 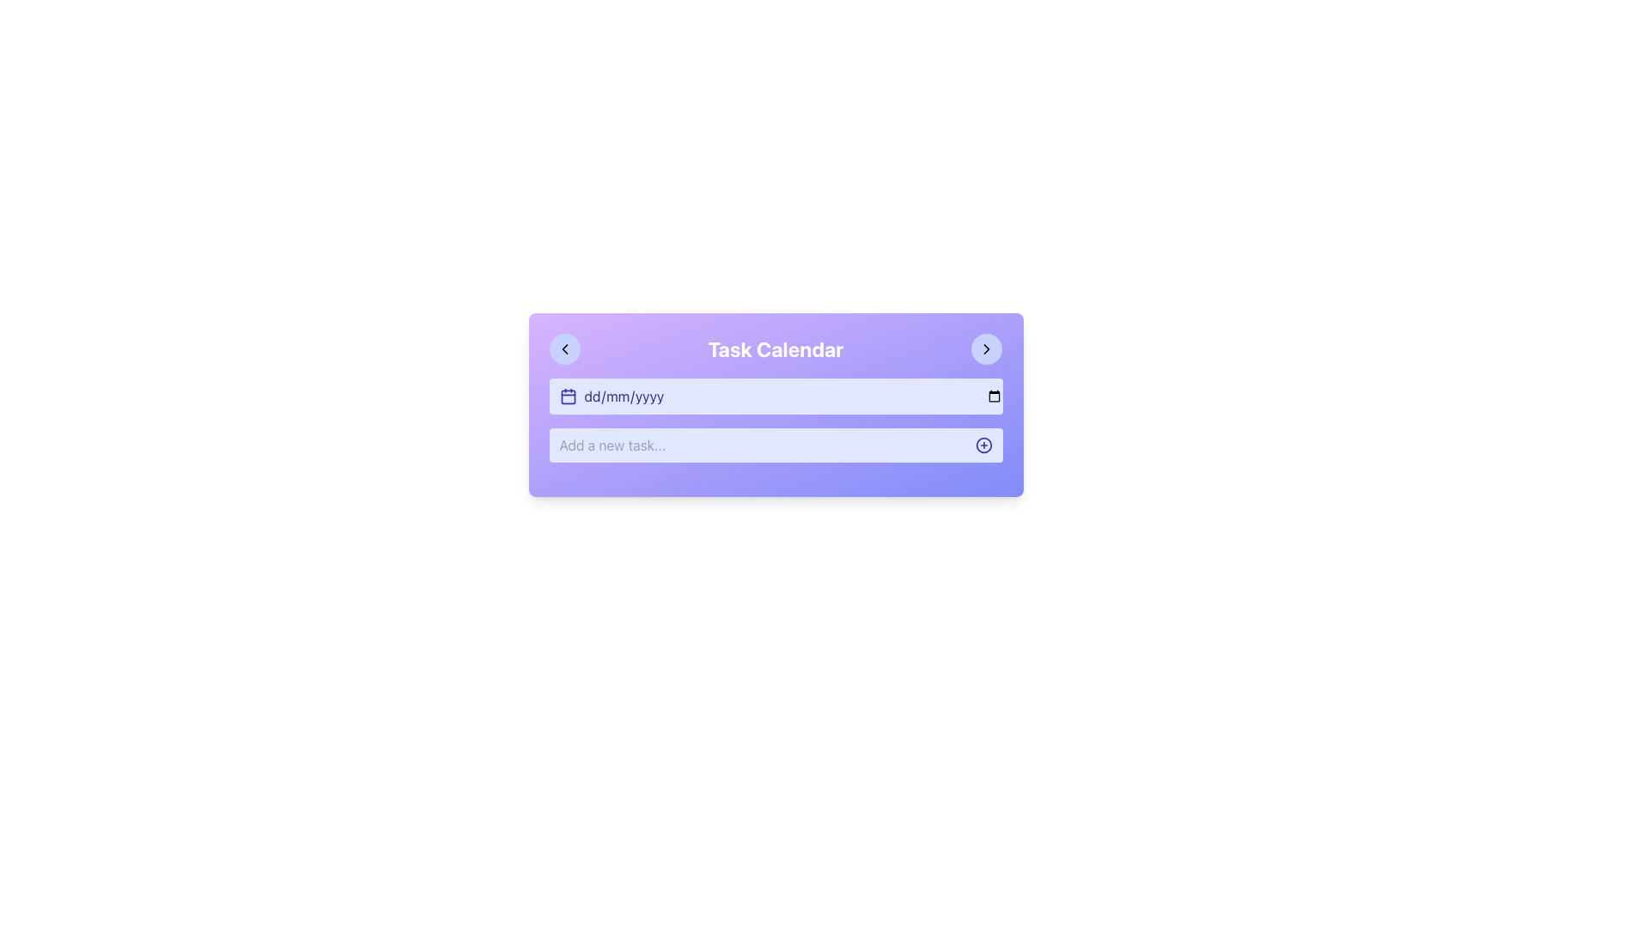 What do you see at coordinates (987, 348) in the screenshot?
I see `the decorative arrow icon in the circular button at the top-right corner of the task calendar interface, which symbolizes navigation or progression` at bounding box center [987, 348].